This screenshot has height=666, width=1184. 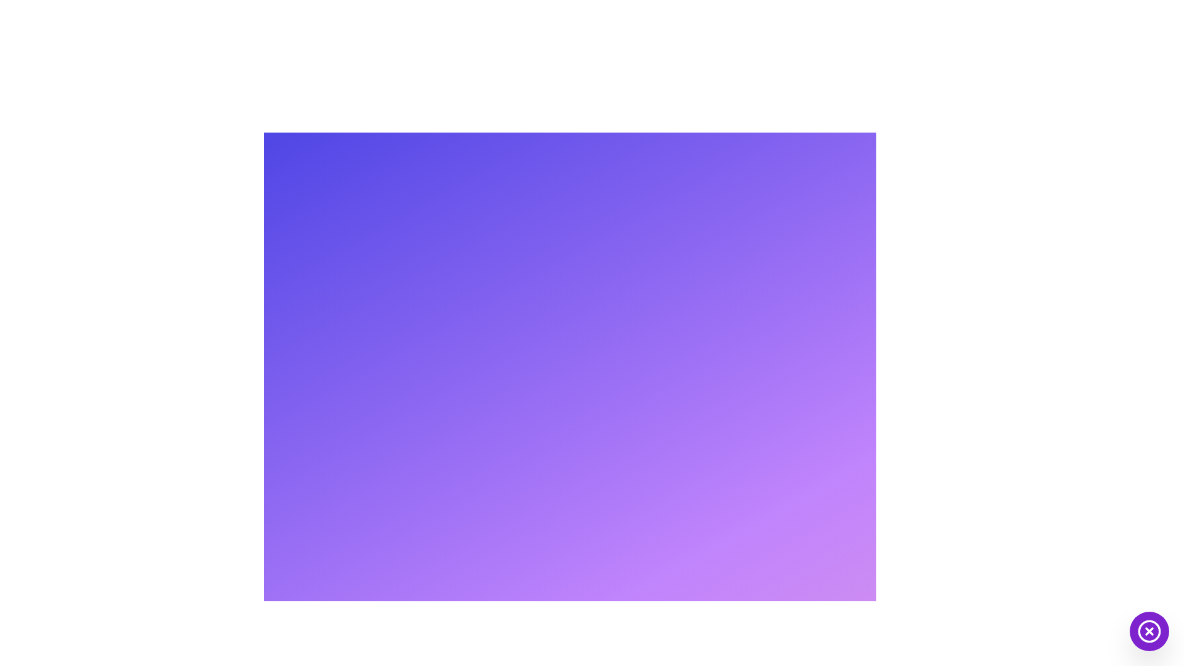 What do you see at coordinates (1148, 631) in the screenshot?
I see `the button located at the bottom-right corner of the interface to observe its hover effect, which changes its appearance slightly upon interaction` at bounding box center [1148, 631].